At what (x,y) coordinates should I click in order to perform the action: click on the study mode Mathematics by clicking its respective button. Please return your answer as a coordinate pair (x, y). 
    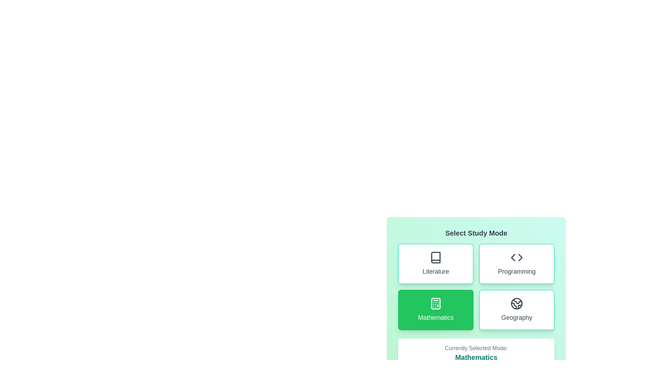
    Looking at the image, I should click on (435, 309).